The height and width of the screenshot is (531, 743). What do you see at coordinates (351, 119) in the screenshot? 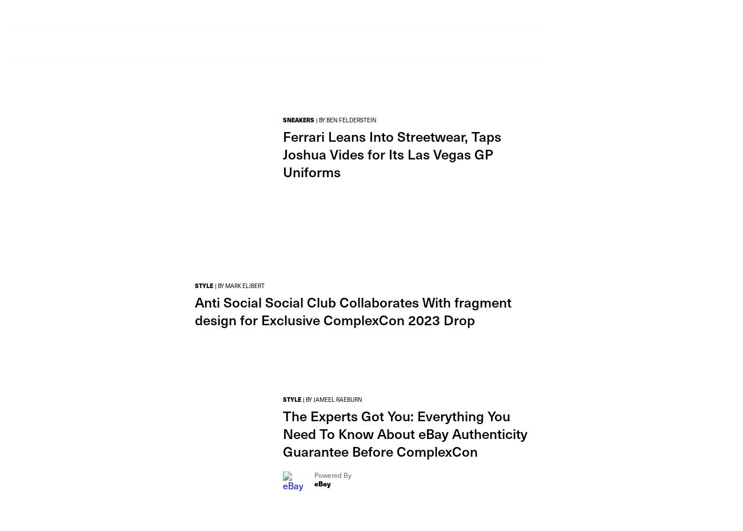
I see `'BEN FELDERSTEIN'` at bounding box center [351, 119].